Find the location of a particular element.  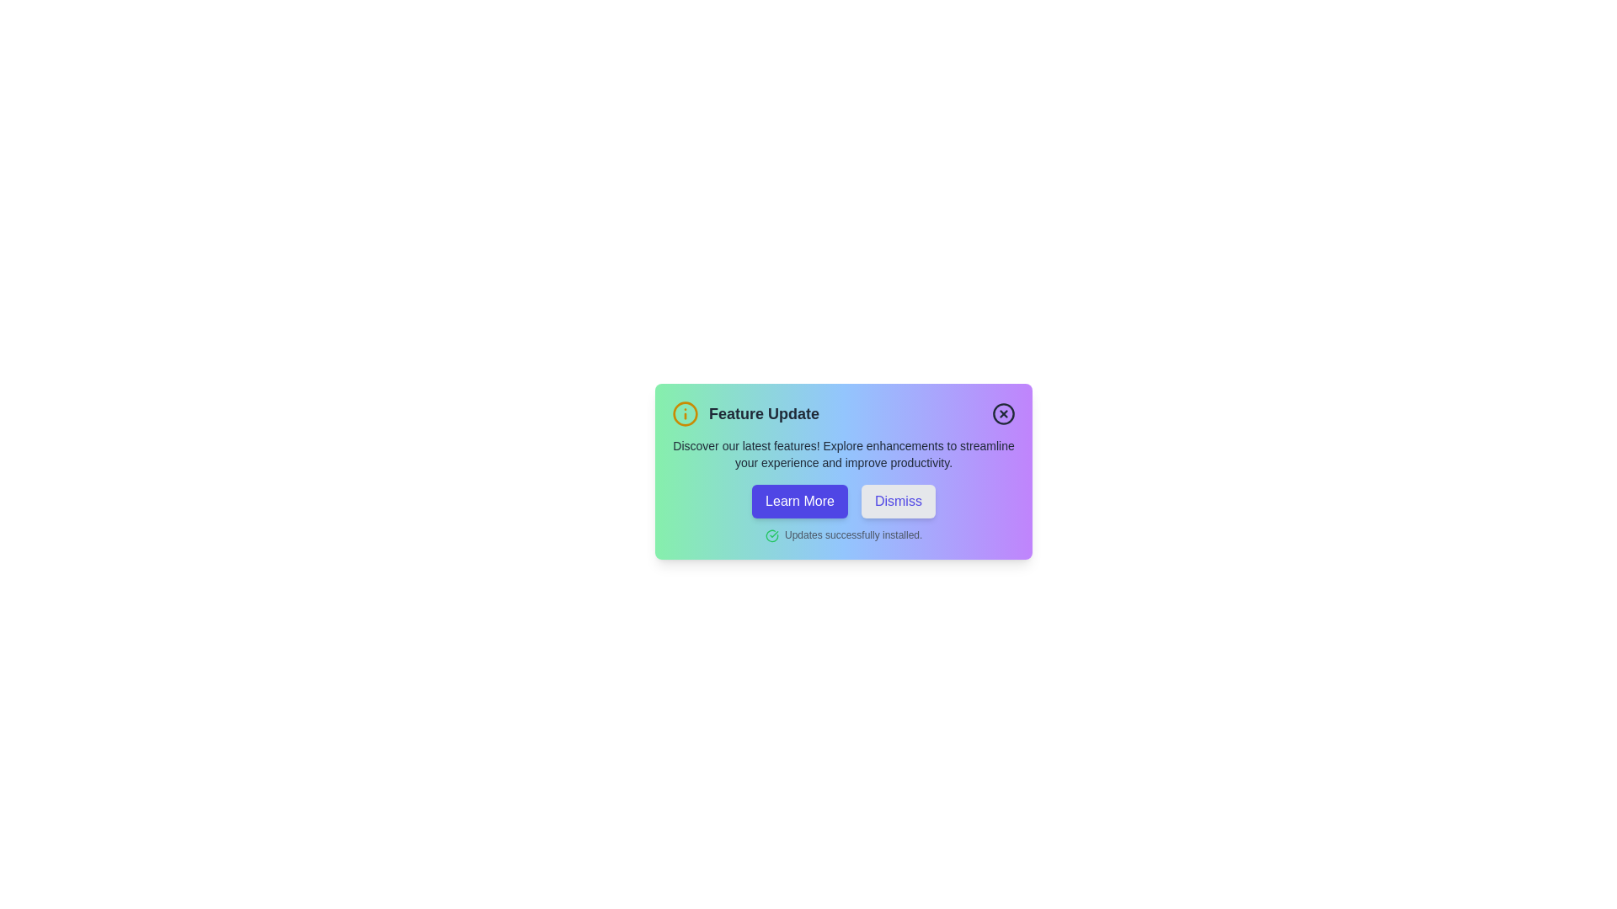

the 'Learn More' button to explore additional features is located at coordinates (799, 501).